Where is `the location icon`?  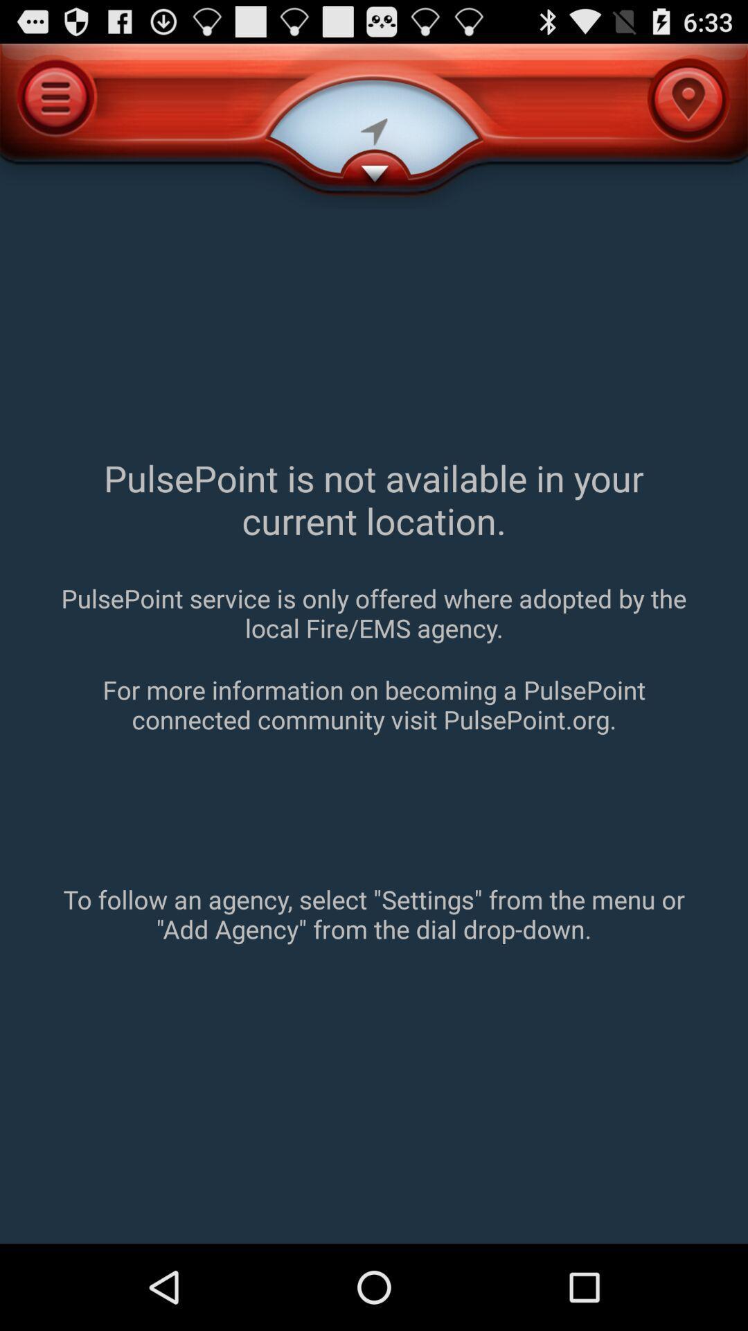 the location icon is located at coordinates (688, 99).